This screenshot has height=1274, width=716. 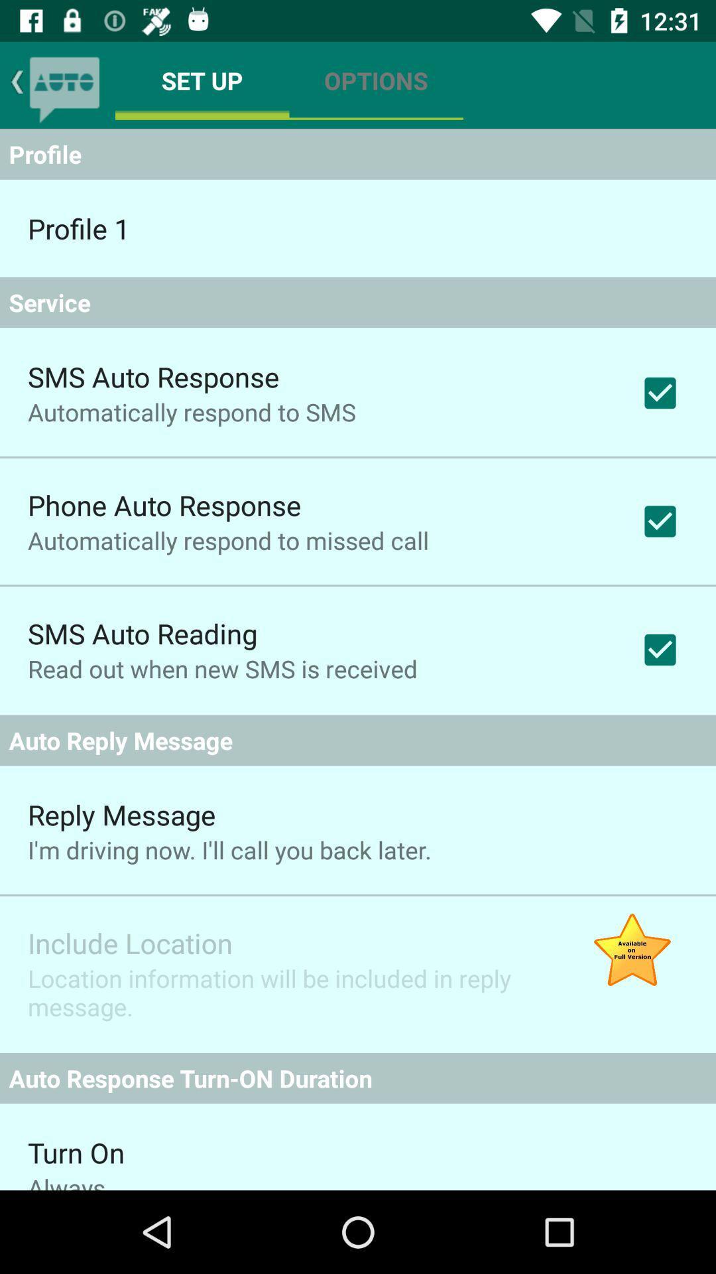 What do you see at coordinates (288, 992) in the screenshot?
I see `app below include location` at bounding box center [288, 992].